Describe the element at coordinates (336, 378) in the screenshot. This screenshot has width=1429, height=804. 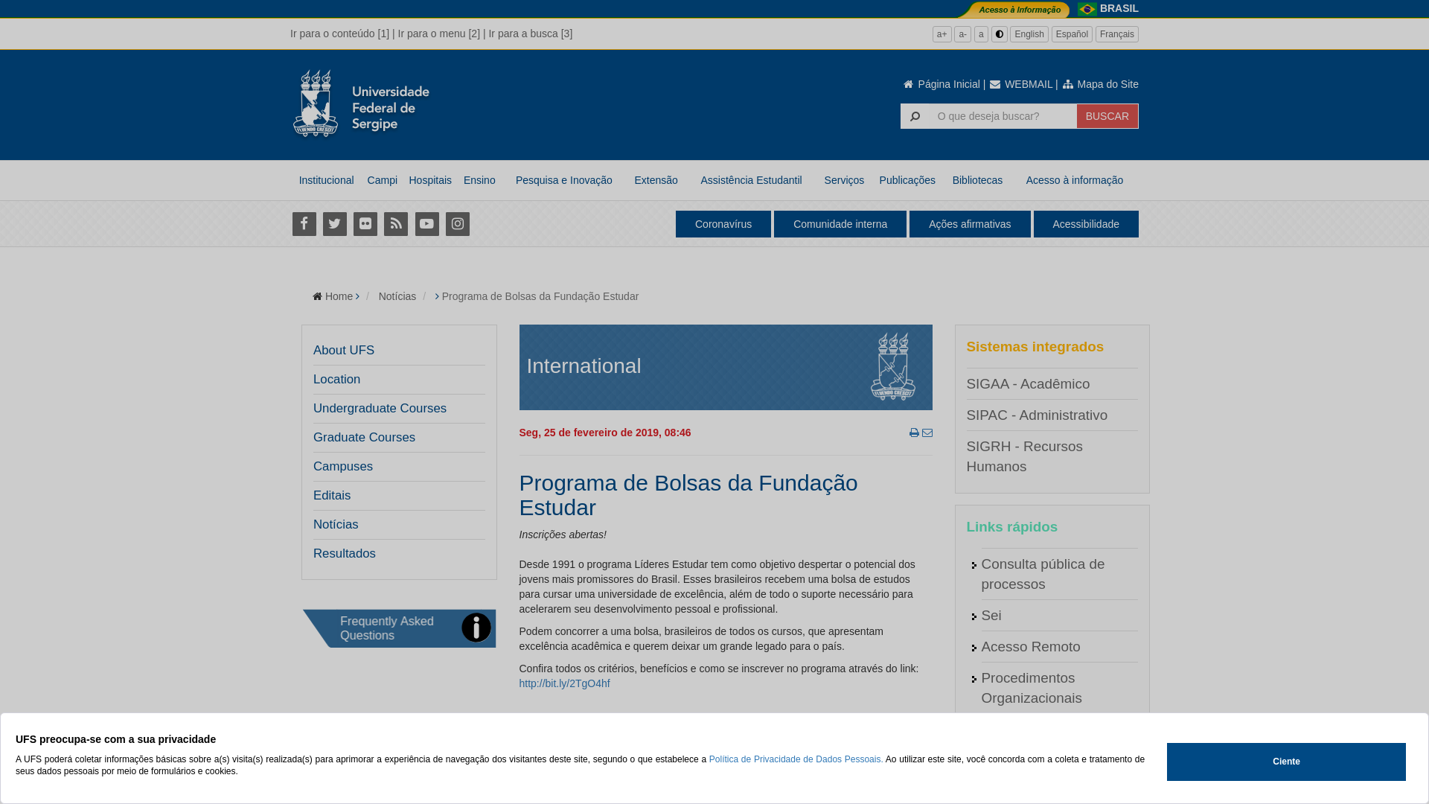
I see `'Location'` at that location.